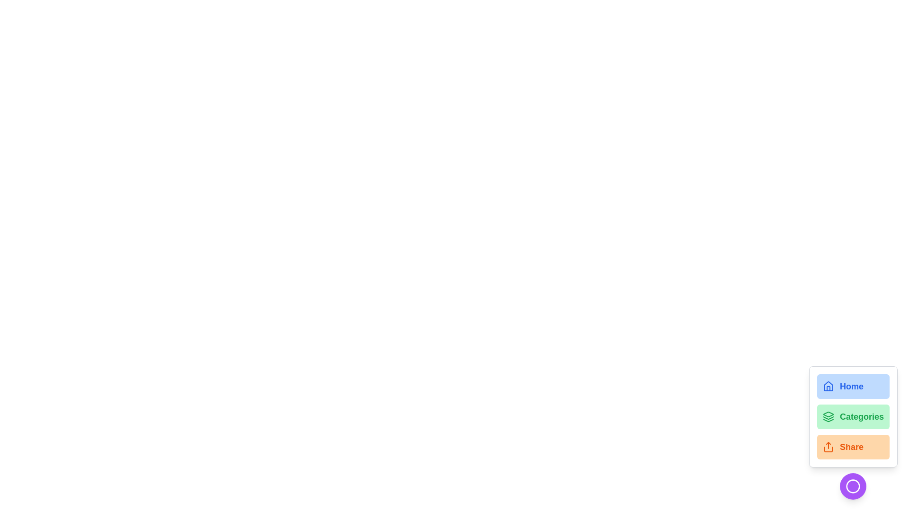 Image resolution: width=909 pixels, height=511 pixels. What do you see at coordinates (853, 486) in the screenshot?
I see `the circular button at the bottom right corner to toggle the speed dial menu` at bounding box center [853, 486].